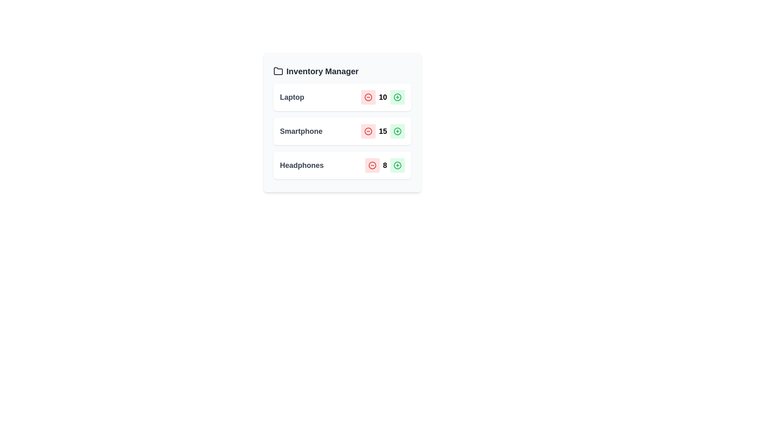 This screenshot has height=438, width=779. Describe the element at coordinates (301, 165) in the screenshot. I see `the item with name Headphones` at that location.